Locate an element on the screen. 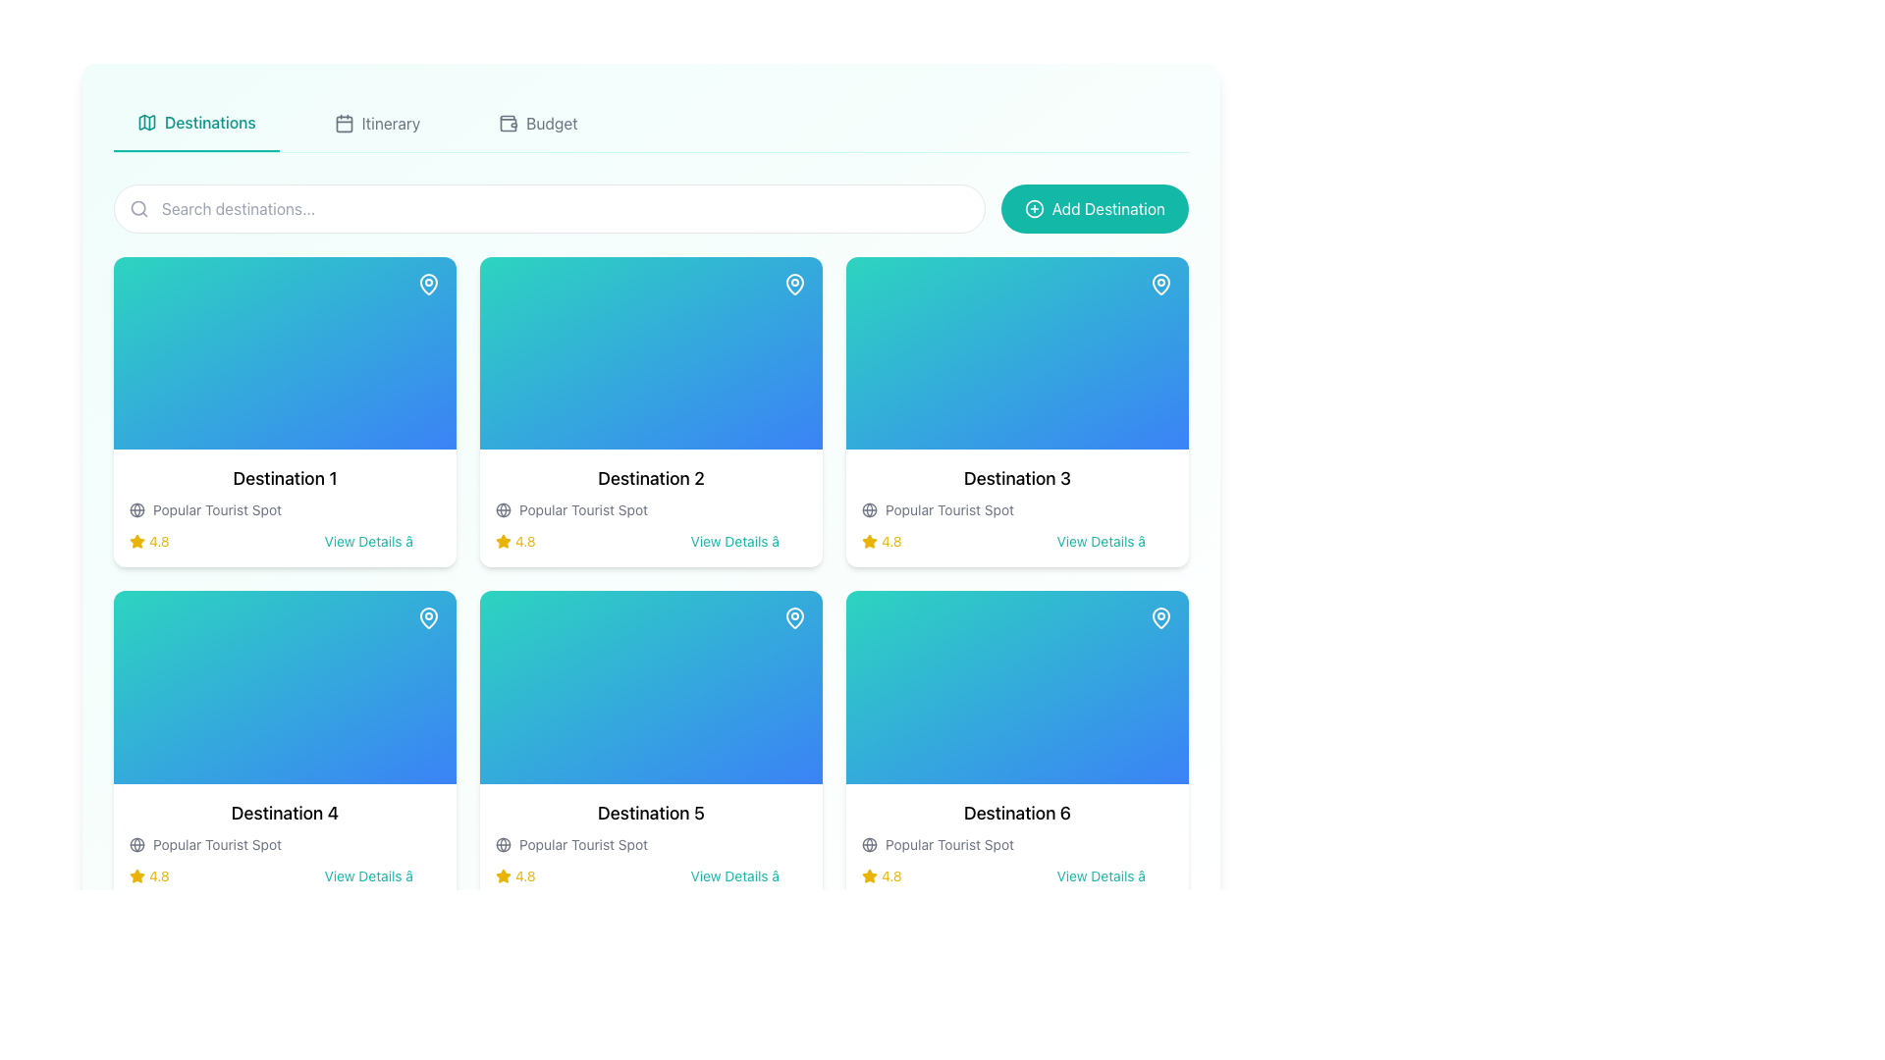 The width and height of the screenshot is (1885, 1060). the Icon located at the top-right corner of the card labeled 'Destination 2', which serves as a visual indicator for marking a location or hinting at geographic context is located at coordinates (795, 284).